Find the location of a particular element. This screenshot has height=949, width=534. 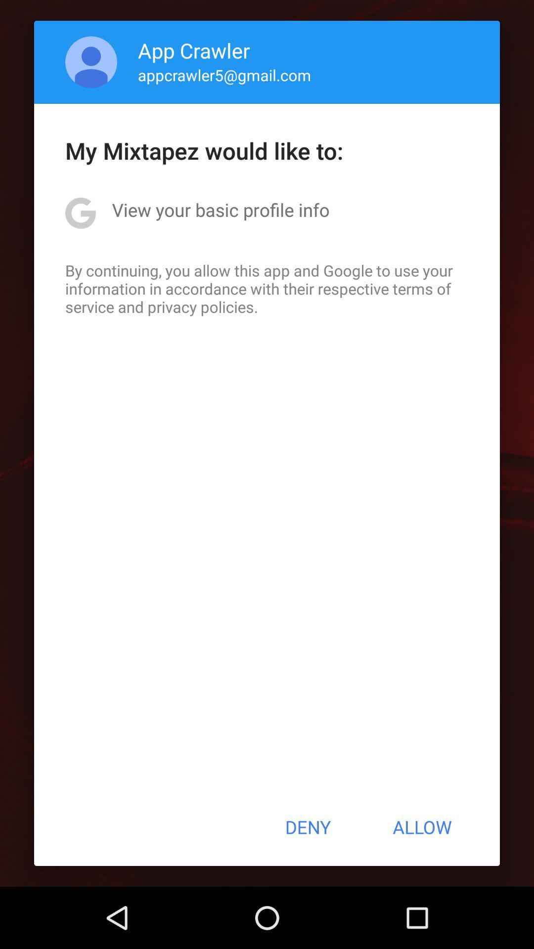

deny item is located at coordinates (307, 827).